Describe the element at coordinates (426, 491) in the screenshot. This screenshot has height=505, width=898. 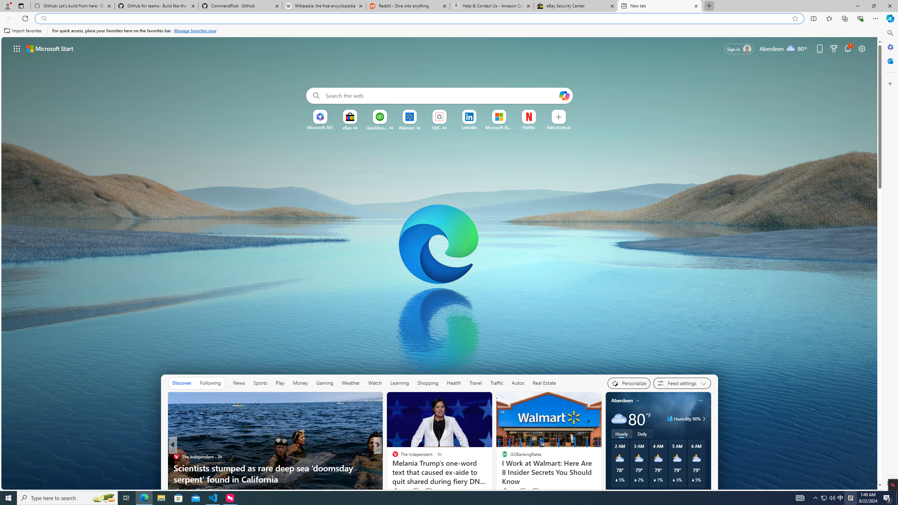
I see `'View comments 54 Comment'` at that location.